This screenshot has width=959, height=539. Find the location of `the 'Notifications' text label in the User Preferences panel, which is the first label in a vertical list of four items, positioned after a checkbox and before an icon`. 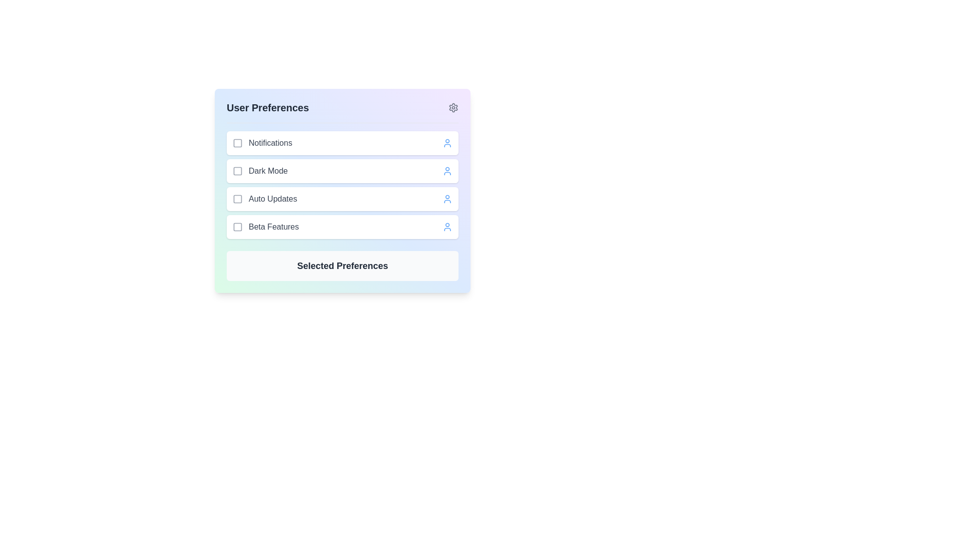

the 'Notifications' text label in the User Preferences panel, which is the first label in a vertical list of four items, positioned after a checkbox and before an icon is located at coordinates (270, 143).